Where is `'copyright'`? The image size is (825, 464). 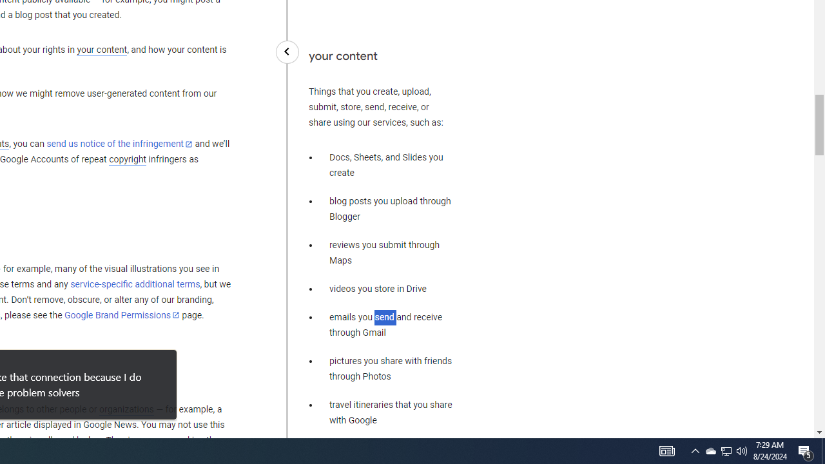 'copyright' is located at coordinates (128, 159).